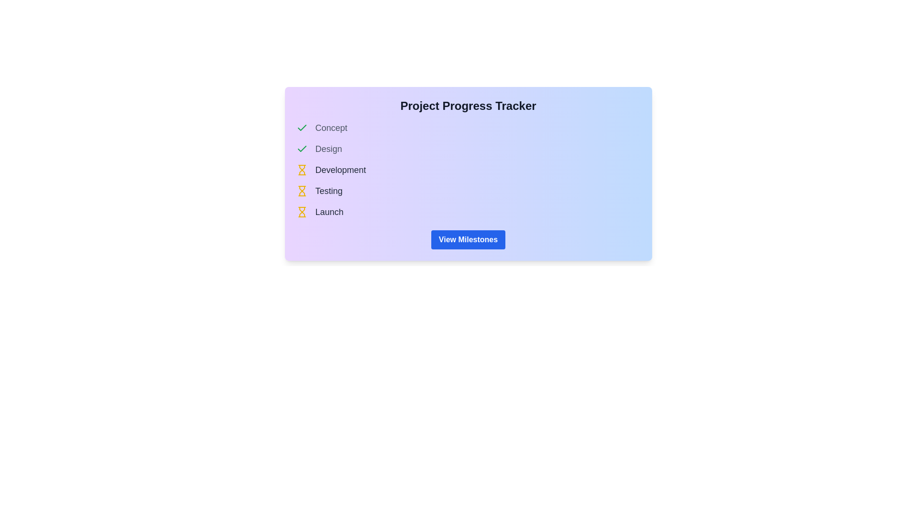 The image size is (918, 516). What do you see at coordinates (329, 211) in the screenshot?
I see `the 'Launch' phase text label located in the project progress tracker, which is the last entry in the list under 'Testing.'` at bounding box center [329, 211].